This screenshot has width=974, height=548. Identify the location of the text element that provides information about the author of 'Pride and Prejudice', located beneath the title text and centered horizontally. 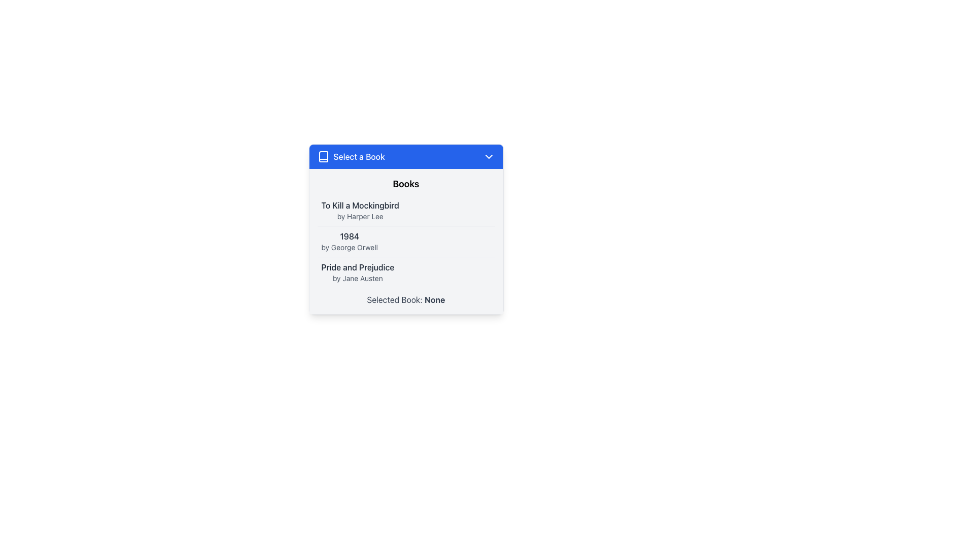
(358, 278).